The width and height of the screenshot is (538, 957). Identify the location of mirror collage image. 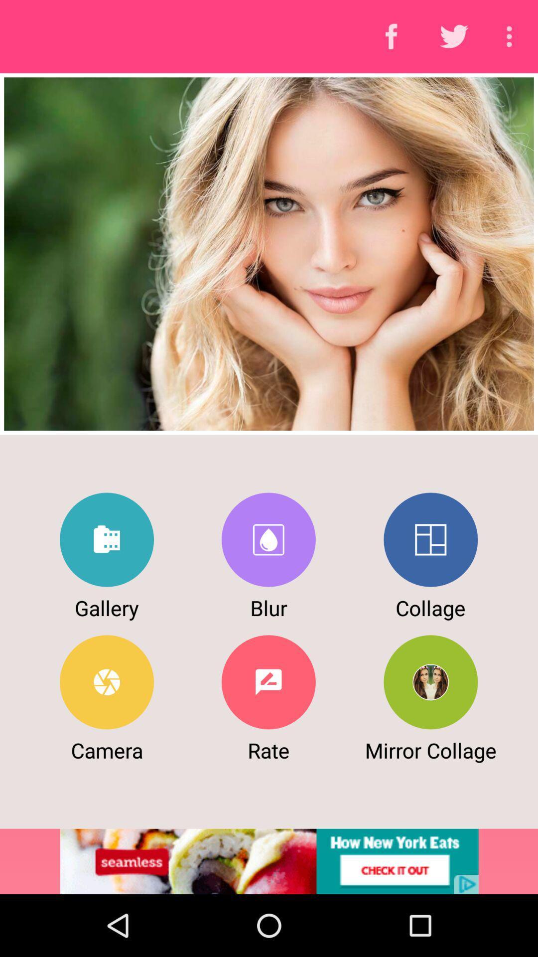
(430, 681).